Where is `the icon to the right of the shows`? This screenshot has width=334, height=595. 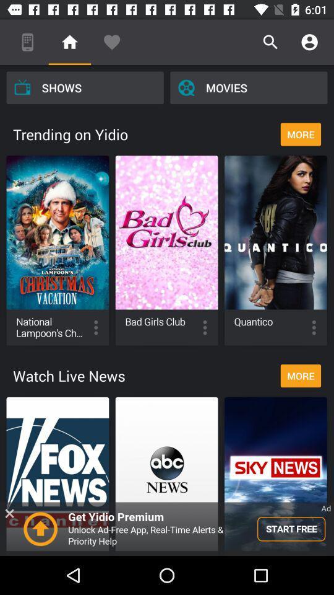
the icon to the right of the shows is located at coordinates (249, 87).